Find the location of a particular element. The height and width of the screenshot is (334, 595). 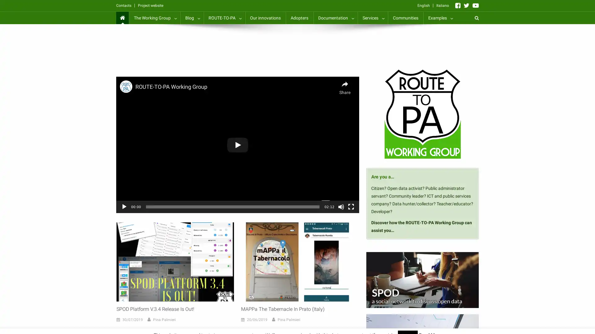

Fullscreen is located at coordinates (351, 207).